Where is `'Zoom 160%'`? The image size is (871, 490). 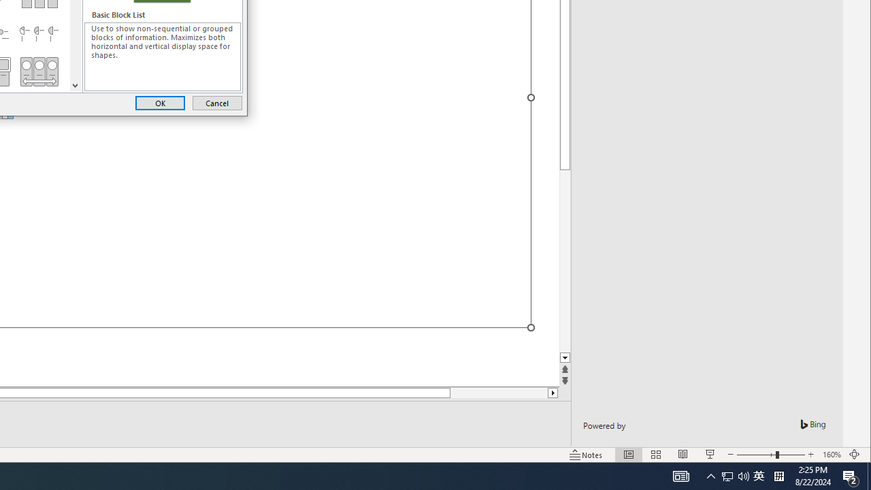 'Zoom 160%' is located at coordinates (831, 455).